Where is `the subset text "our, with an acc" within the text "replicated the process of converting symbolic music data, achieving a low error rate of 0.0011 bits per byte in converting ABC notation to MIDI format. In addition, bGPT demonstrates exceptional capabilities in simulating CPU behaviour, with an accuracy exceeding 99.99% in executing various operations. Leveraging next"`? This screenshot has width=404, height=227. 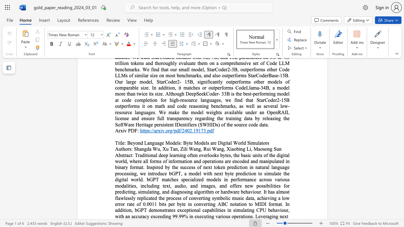 the subset text "our, with an acc" within the text "replicated the process of converting symbolic music data, achieving a low error rate of 0.0011 bits per byte in converting ABC notation to MIDI format. In addition, bGPT demonstrates exceptional capabilities in simulating CPU behaviour, with an accuracy exceeding 99.99% in executing various operations. Leveraging next" is located at coordinates (281, 210).